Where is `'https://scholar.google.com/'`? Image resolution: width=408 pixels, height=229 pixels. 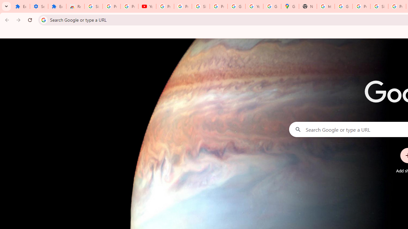
'https://scholar.google.com/' is located at coordinates (326, 6).